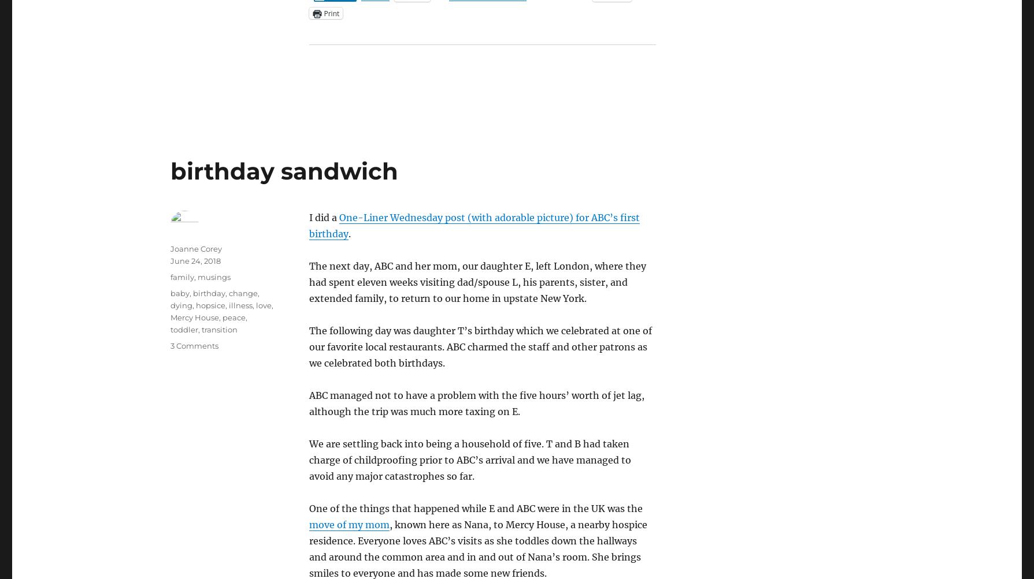 The image size is (1034, 579). Describe the element at coordinates (475, 509) in the screenshot. I see `'One of the things that happened while E and ABC were in the UK was the'` at that location.